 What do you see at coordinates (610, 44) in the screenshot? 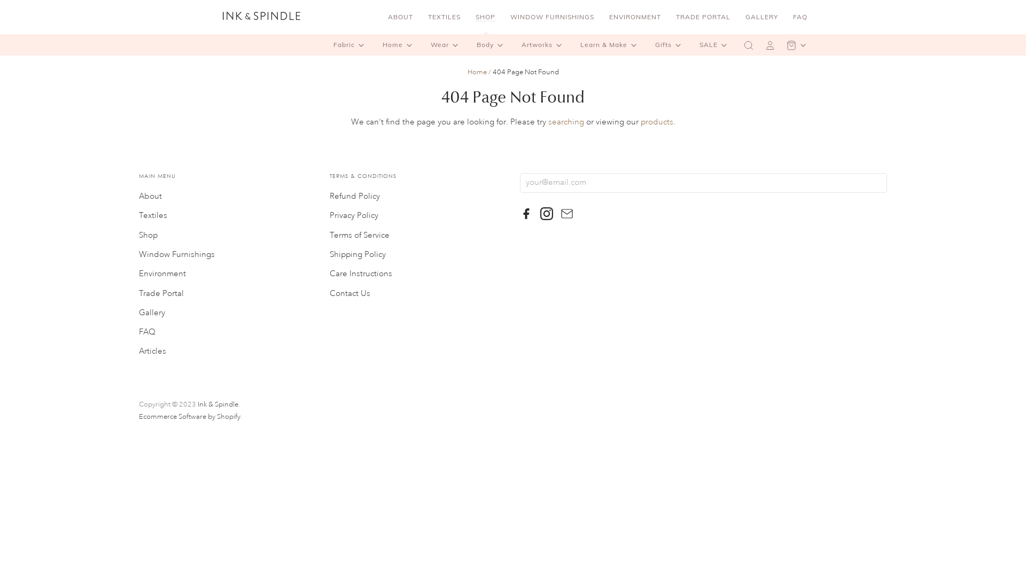
I see `'Learn & Make'` at bounding box center [610, 44].